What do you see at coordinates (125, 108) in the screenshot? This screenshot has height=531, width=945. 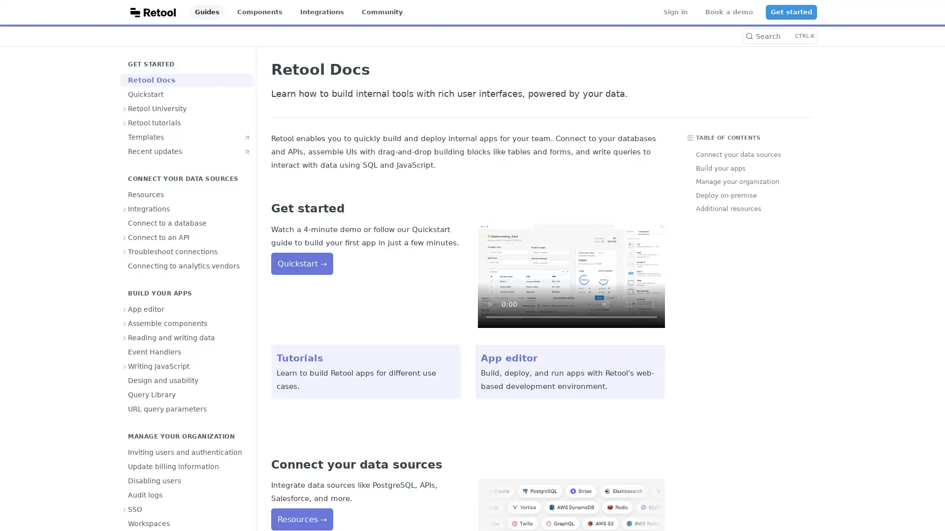 I see `Show subpages for Retool University` at bounding box center [125, 108].